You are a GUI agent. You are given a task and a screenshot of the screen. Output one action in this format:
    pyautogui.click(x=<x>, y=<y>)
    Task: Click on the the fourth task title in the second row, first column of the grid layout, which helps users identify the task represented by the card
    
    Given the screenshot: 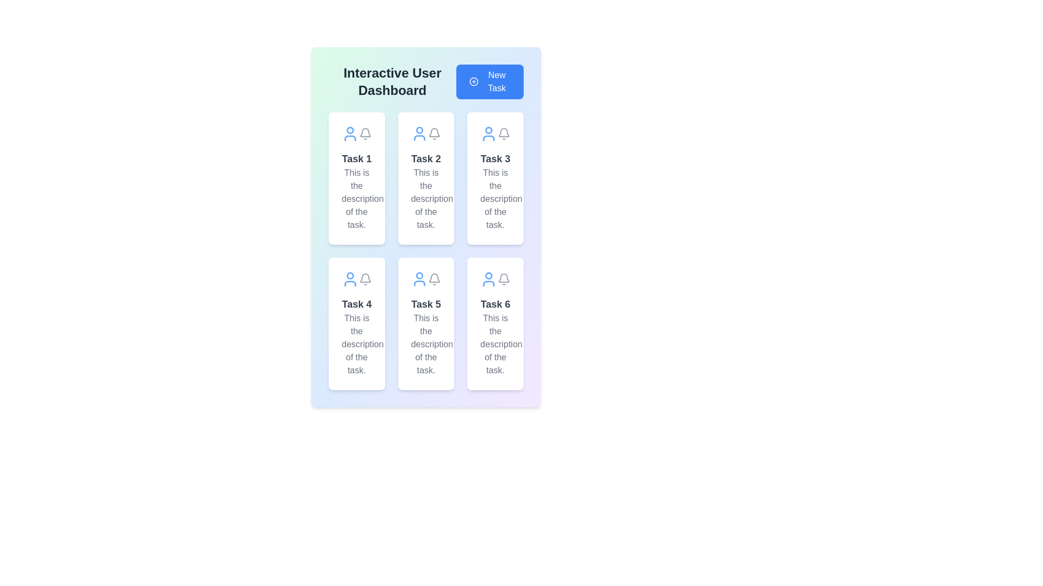 What is the action you would take?
    pyautogui.click(x=356, y=304)
    